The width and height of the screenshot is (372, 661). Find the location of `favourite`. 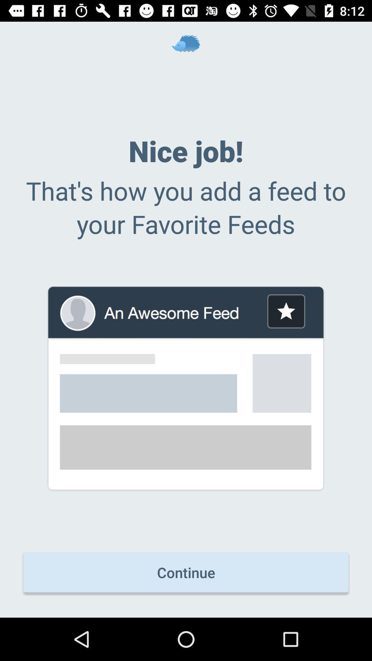

favourite is located at coordinates (286, 311).